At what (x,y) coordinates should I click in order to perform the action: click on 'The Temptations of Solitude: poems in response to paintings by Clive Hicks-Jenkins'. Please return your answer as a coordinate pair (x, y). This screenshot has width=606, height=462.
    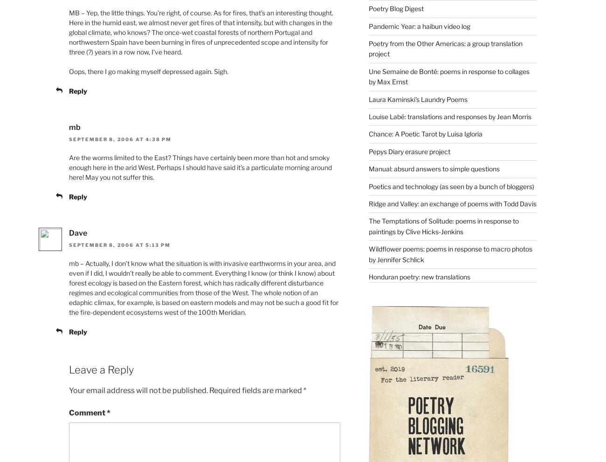
    Looking at the image, I should click on (443, 226).